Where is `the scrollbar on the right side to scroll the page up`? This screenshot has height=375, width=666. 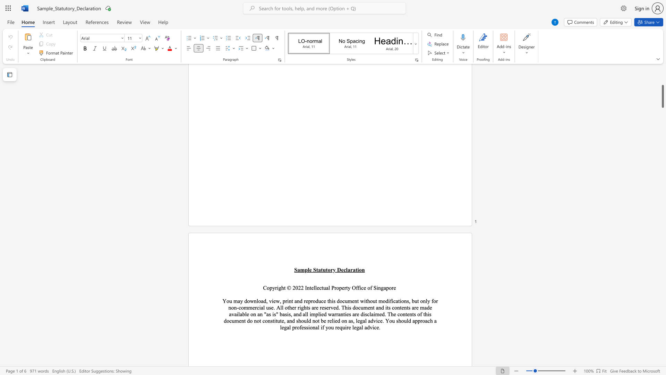 the scrollbar on the right side to scroll the page up is located at coordinates (662, 121).